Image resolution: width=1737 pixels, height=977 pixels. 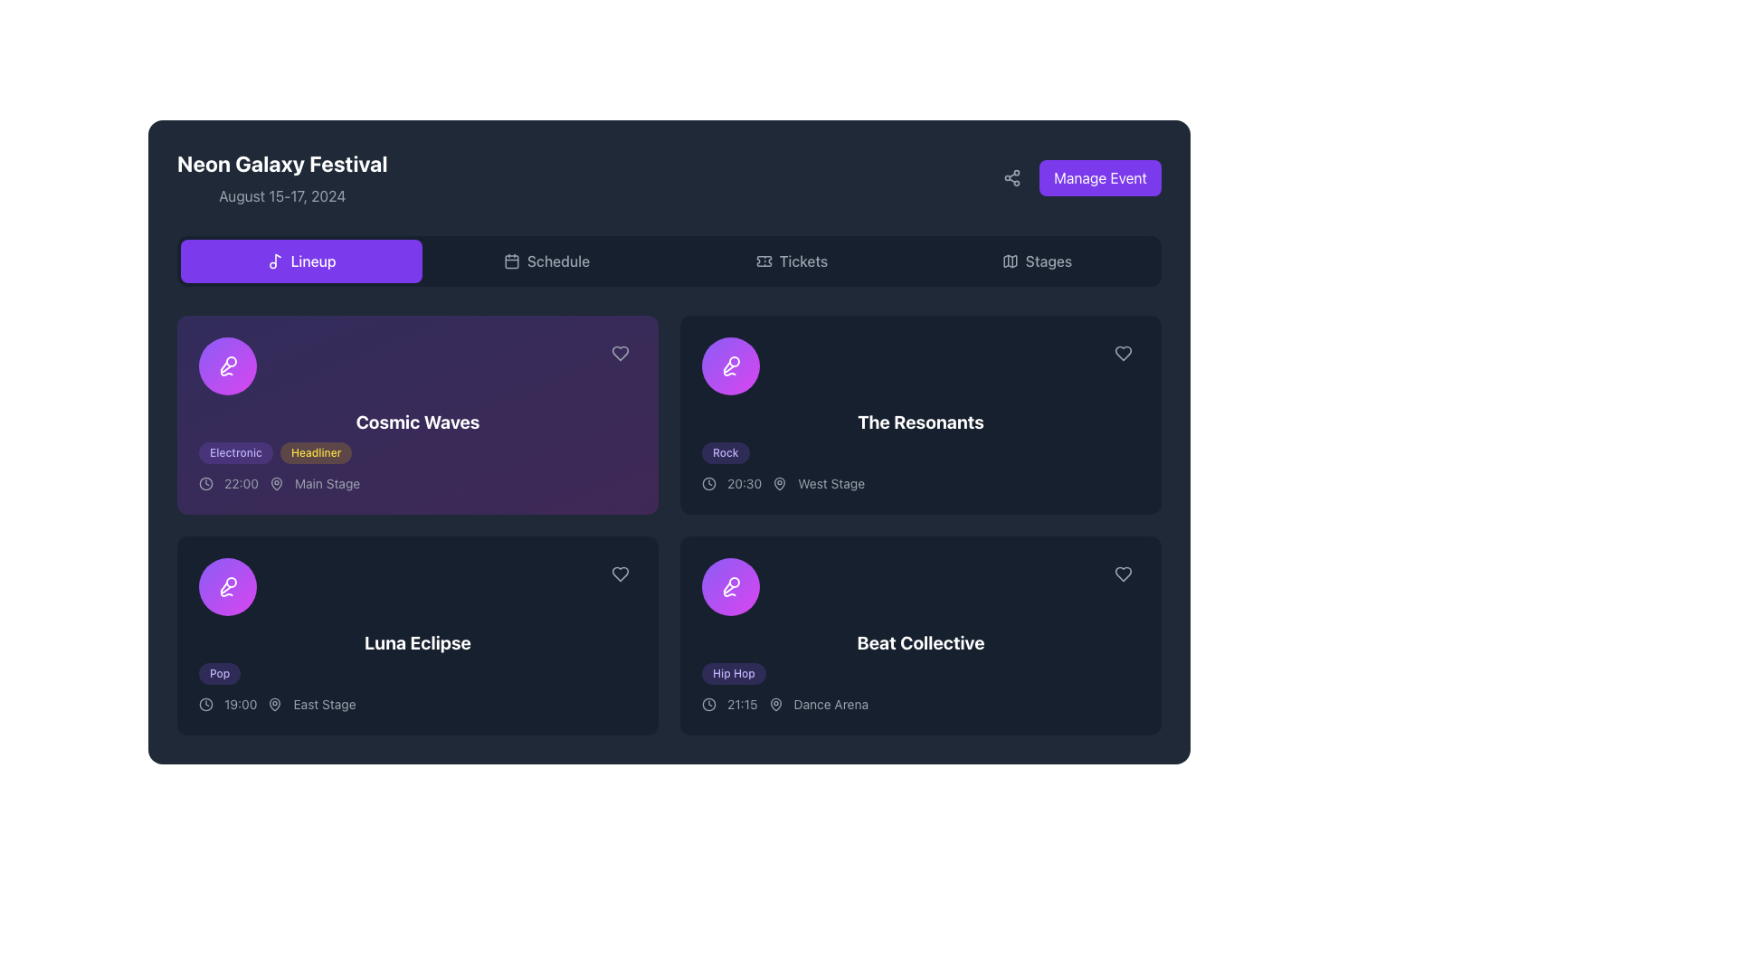 I want to click on the heart-shaped icon in the top-right corner of the purple card labeled 'Cosmic Waves', so click(x=621, y=353).